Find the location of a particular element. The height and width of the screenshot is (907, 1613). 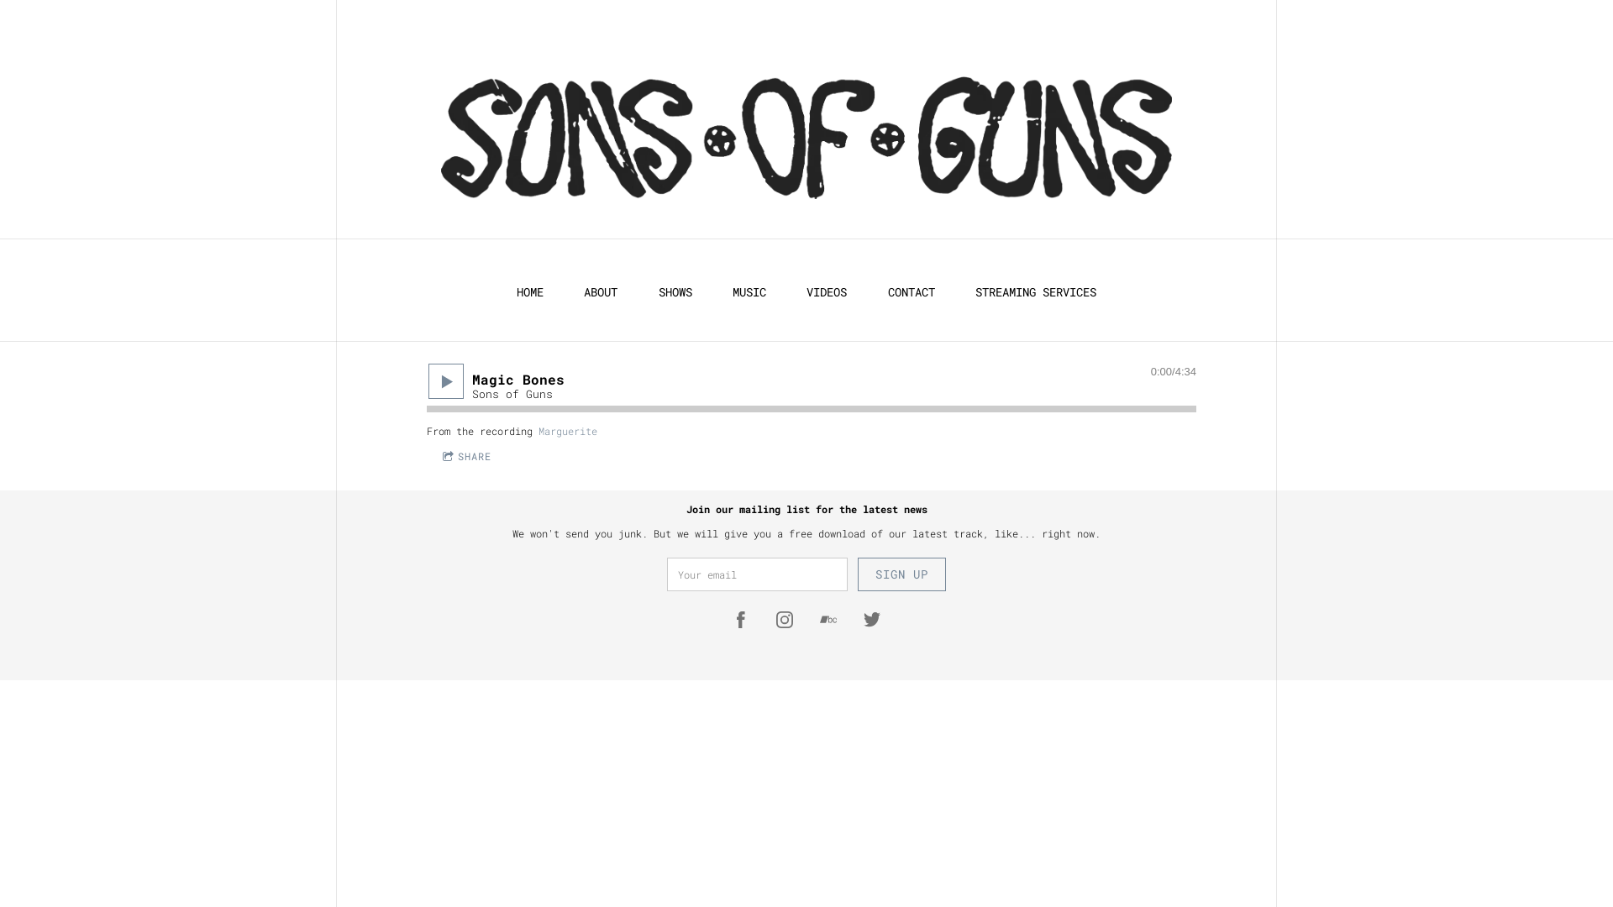

'STREAMING SERVICES' is located at coordinates (1035, 291).